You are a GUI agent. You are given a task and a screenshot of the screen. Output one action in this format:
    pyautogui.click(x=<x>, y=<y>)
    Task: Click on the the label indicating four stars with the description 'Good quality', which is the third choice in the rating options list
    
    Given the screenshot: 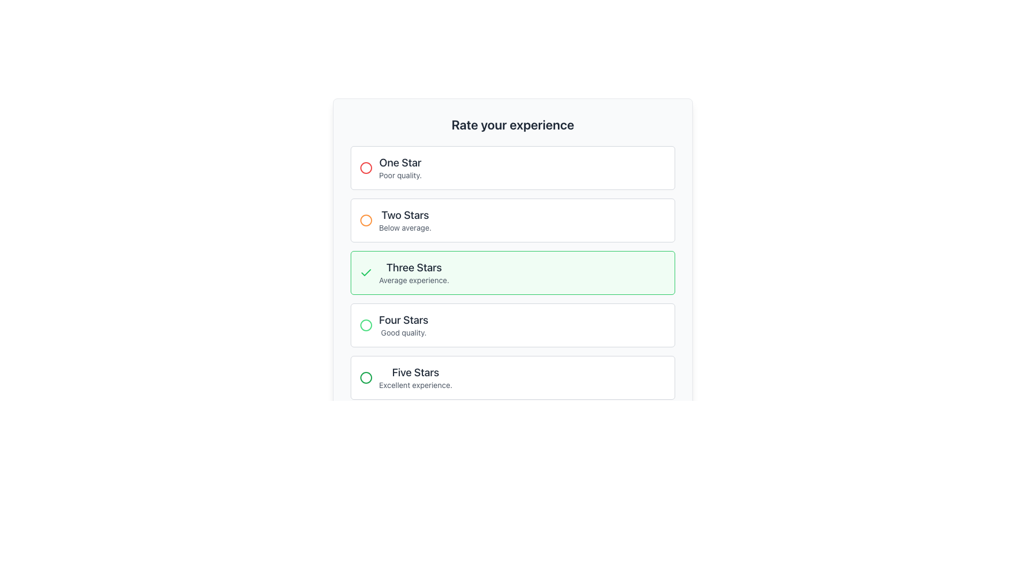 What is the action you would take?
    pyautogui.click(x=403, y=325)
    